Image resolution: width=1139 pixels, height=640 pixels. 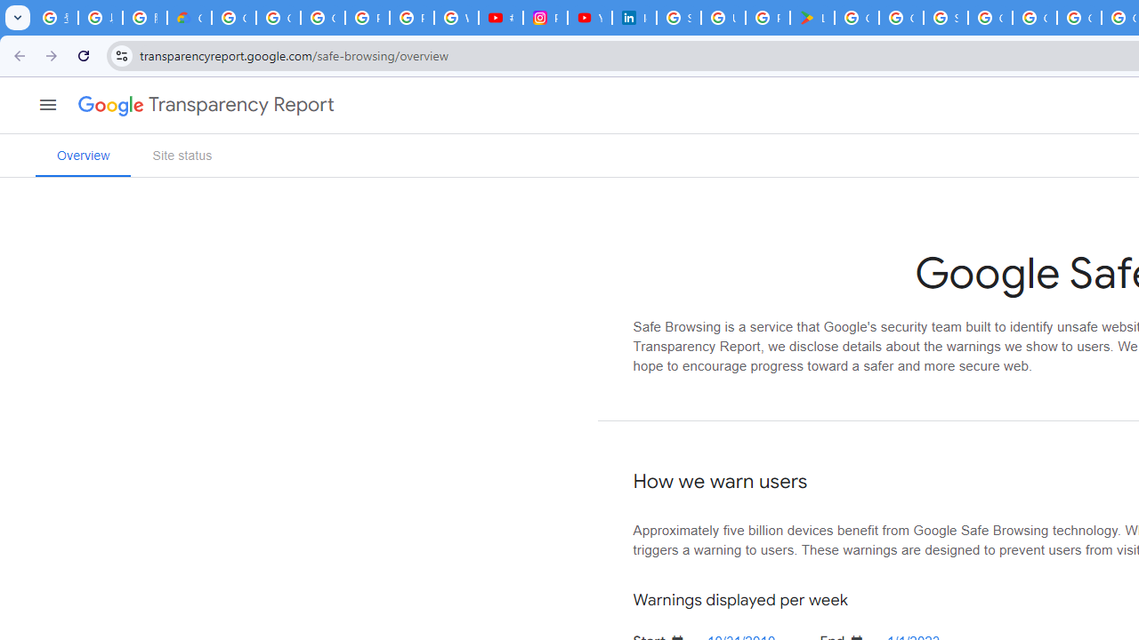 What do you see at coordinates (678, 18) in the screenshot?
I see `'Sign in - Google Accounts'` at bounding box center [678, 18].